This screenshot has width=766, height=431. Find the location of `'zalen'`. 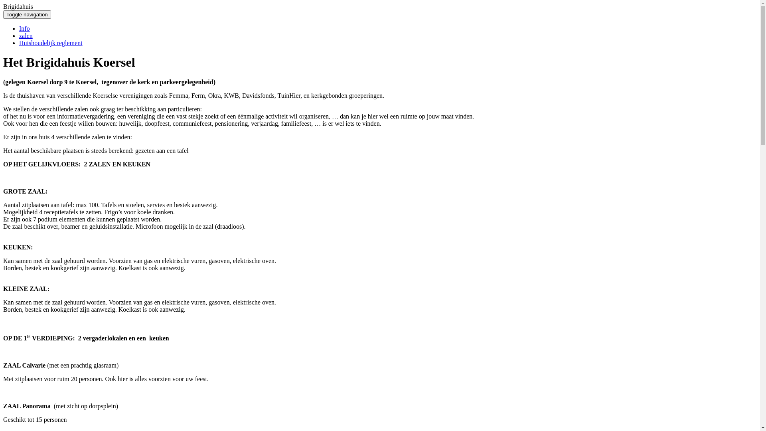

'zalen' is located at coordinates (26, 35).